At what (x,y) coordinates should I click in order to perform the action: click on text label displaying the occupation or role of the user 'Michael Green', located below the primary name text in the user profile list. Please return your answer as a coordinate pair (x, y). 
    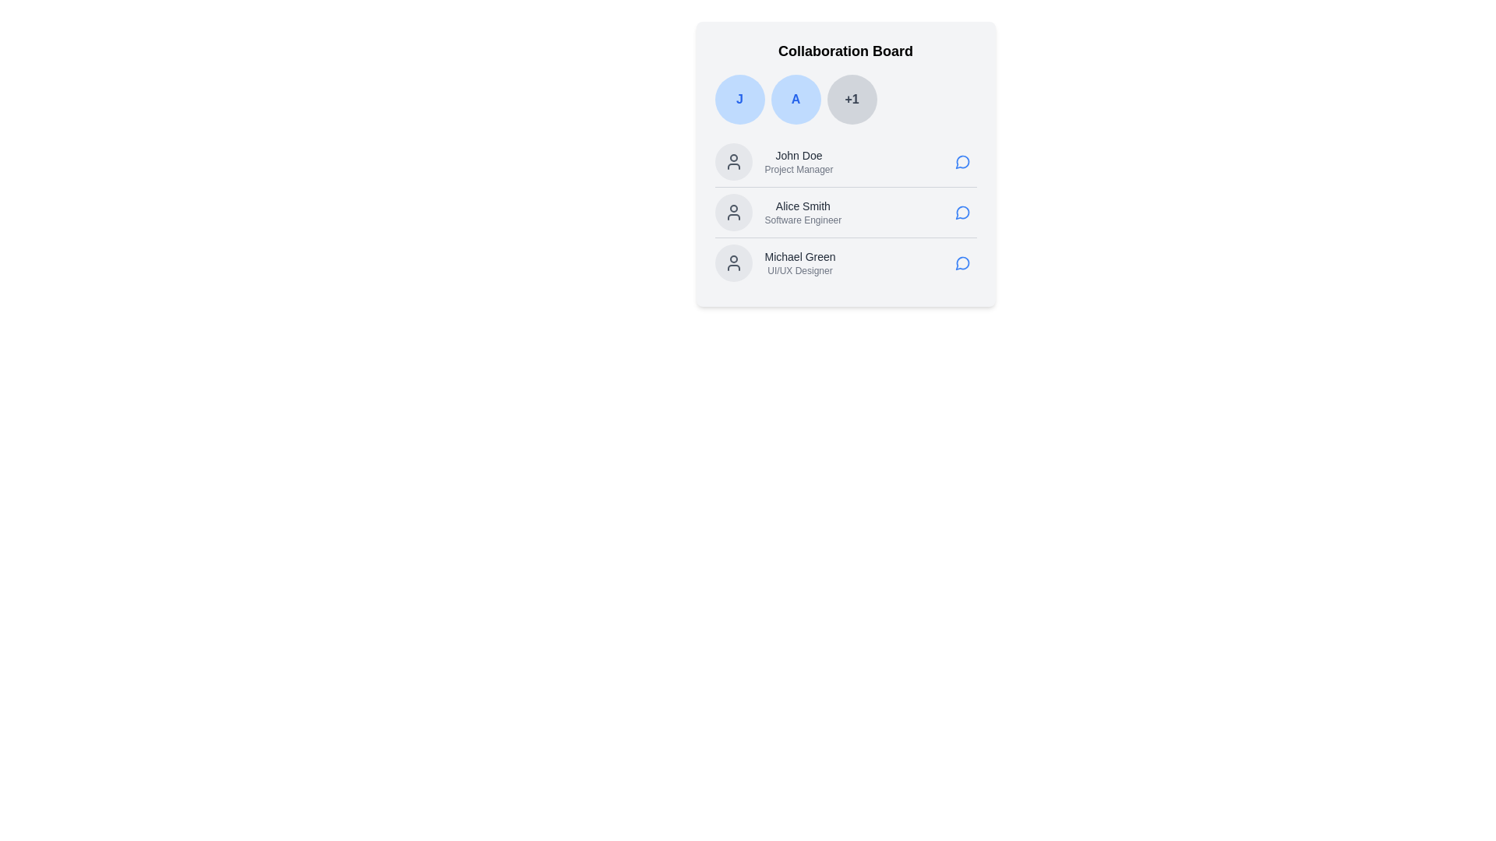
    Looking at the image, I should click on (800, 269).